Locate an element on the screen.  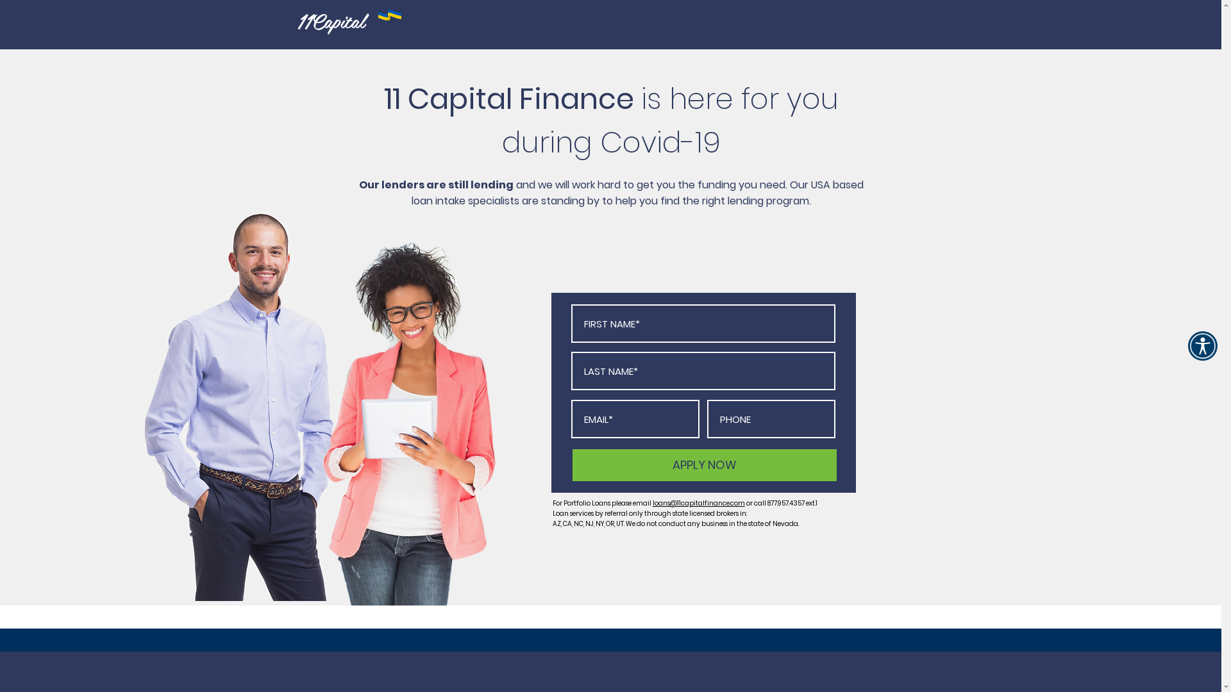
'loans@11capitalfinance.com' is located at coordinates (698, 502).